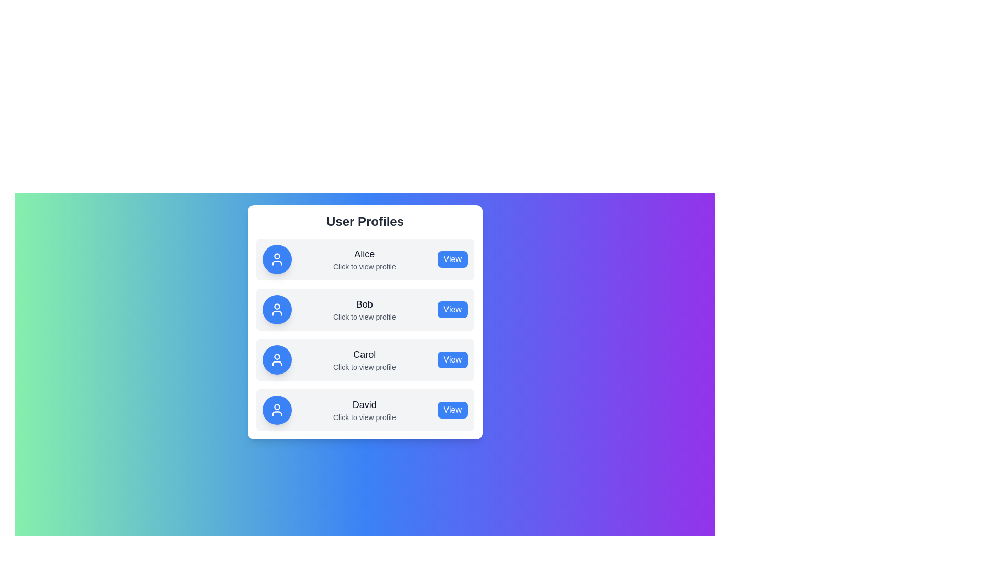  What do you see at coordinates (277, 259) in the screenshot?
I see `the circular blue icon with a white user figure, located to the left of the text 'Alice' and the 'View' button in the user profiles list` at bounding box center [277, 259].